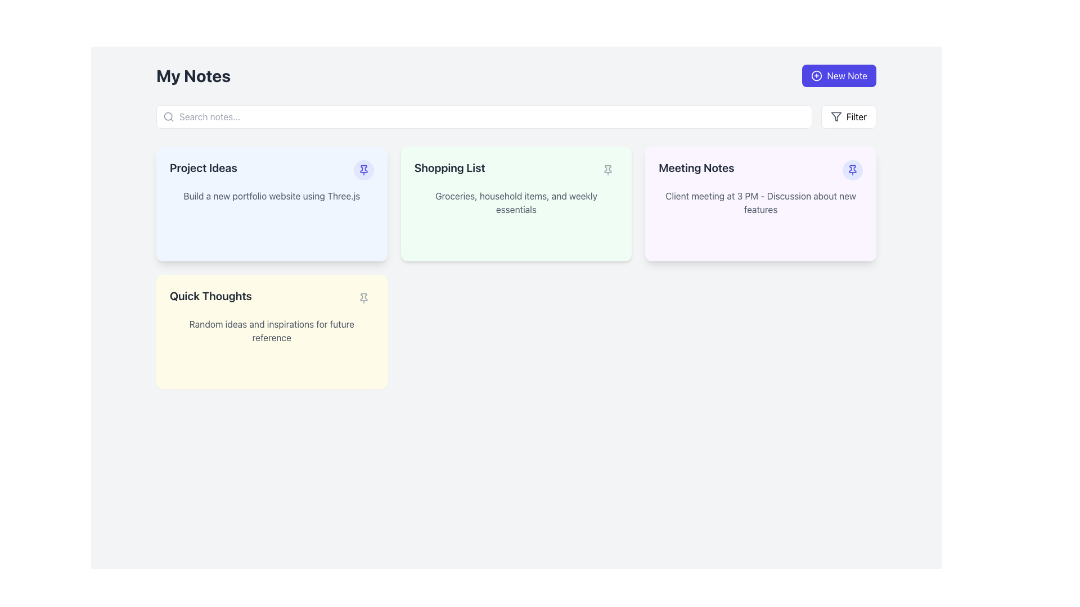 This screenshot has width=1080, height=607. What do you see at coordinates (853, 169) in the screenshot?
I see `the pin icon located within the circular button in the top-right corner of the 'Meeting Notes' card` at bounding box center [853, 169].